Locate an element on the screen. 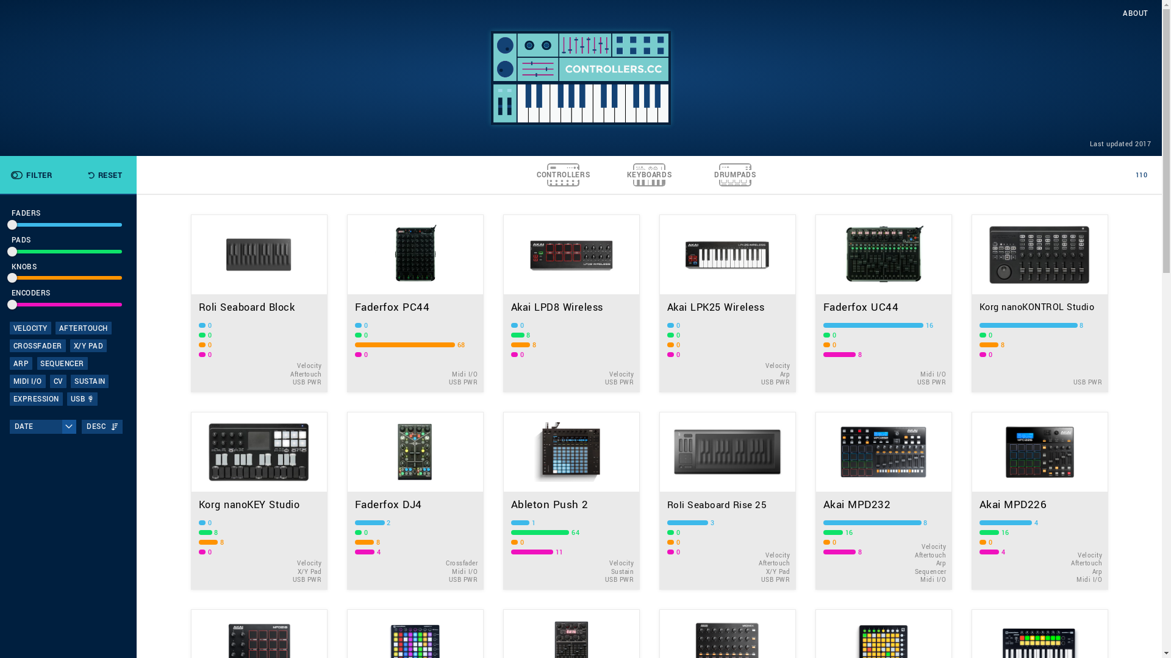 This screenshot has height=658, width=1171. 'SUSTAIN' is located at coordinates (89, 380).